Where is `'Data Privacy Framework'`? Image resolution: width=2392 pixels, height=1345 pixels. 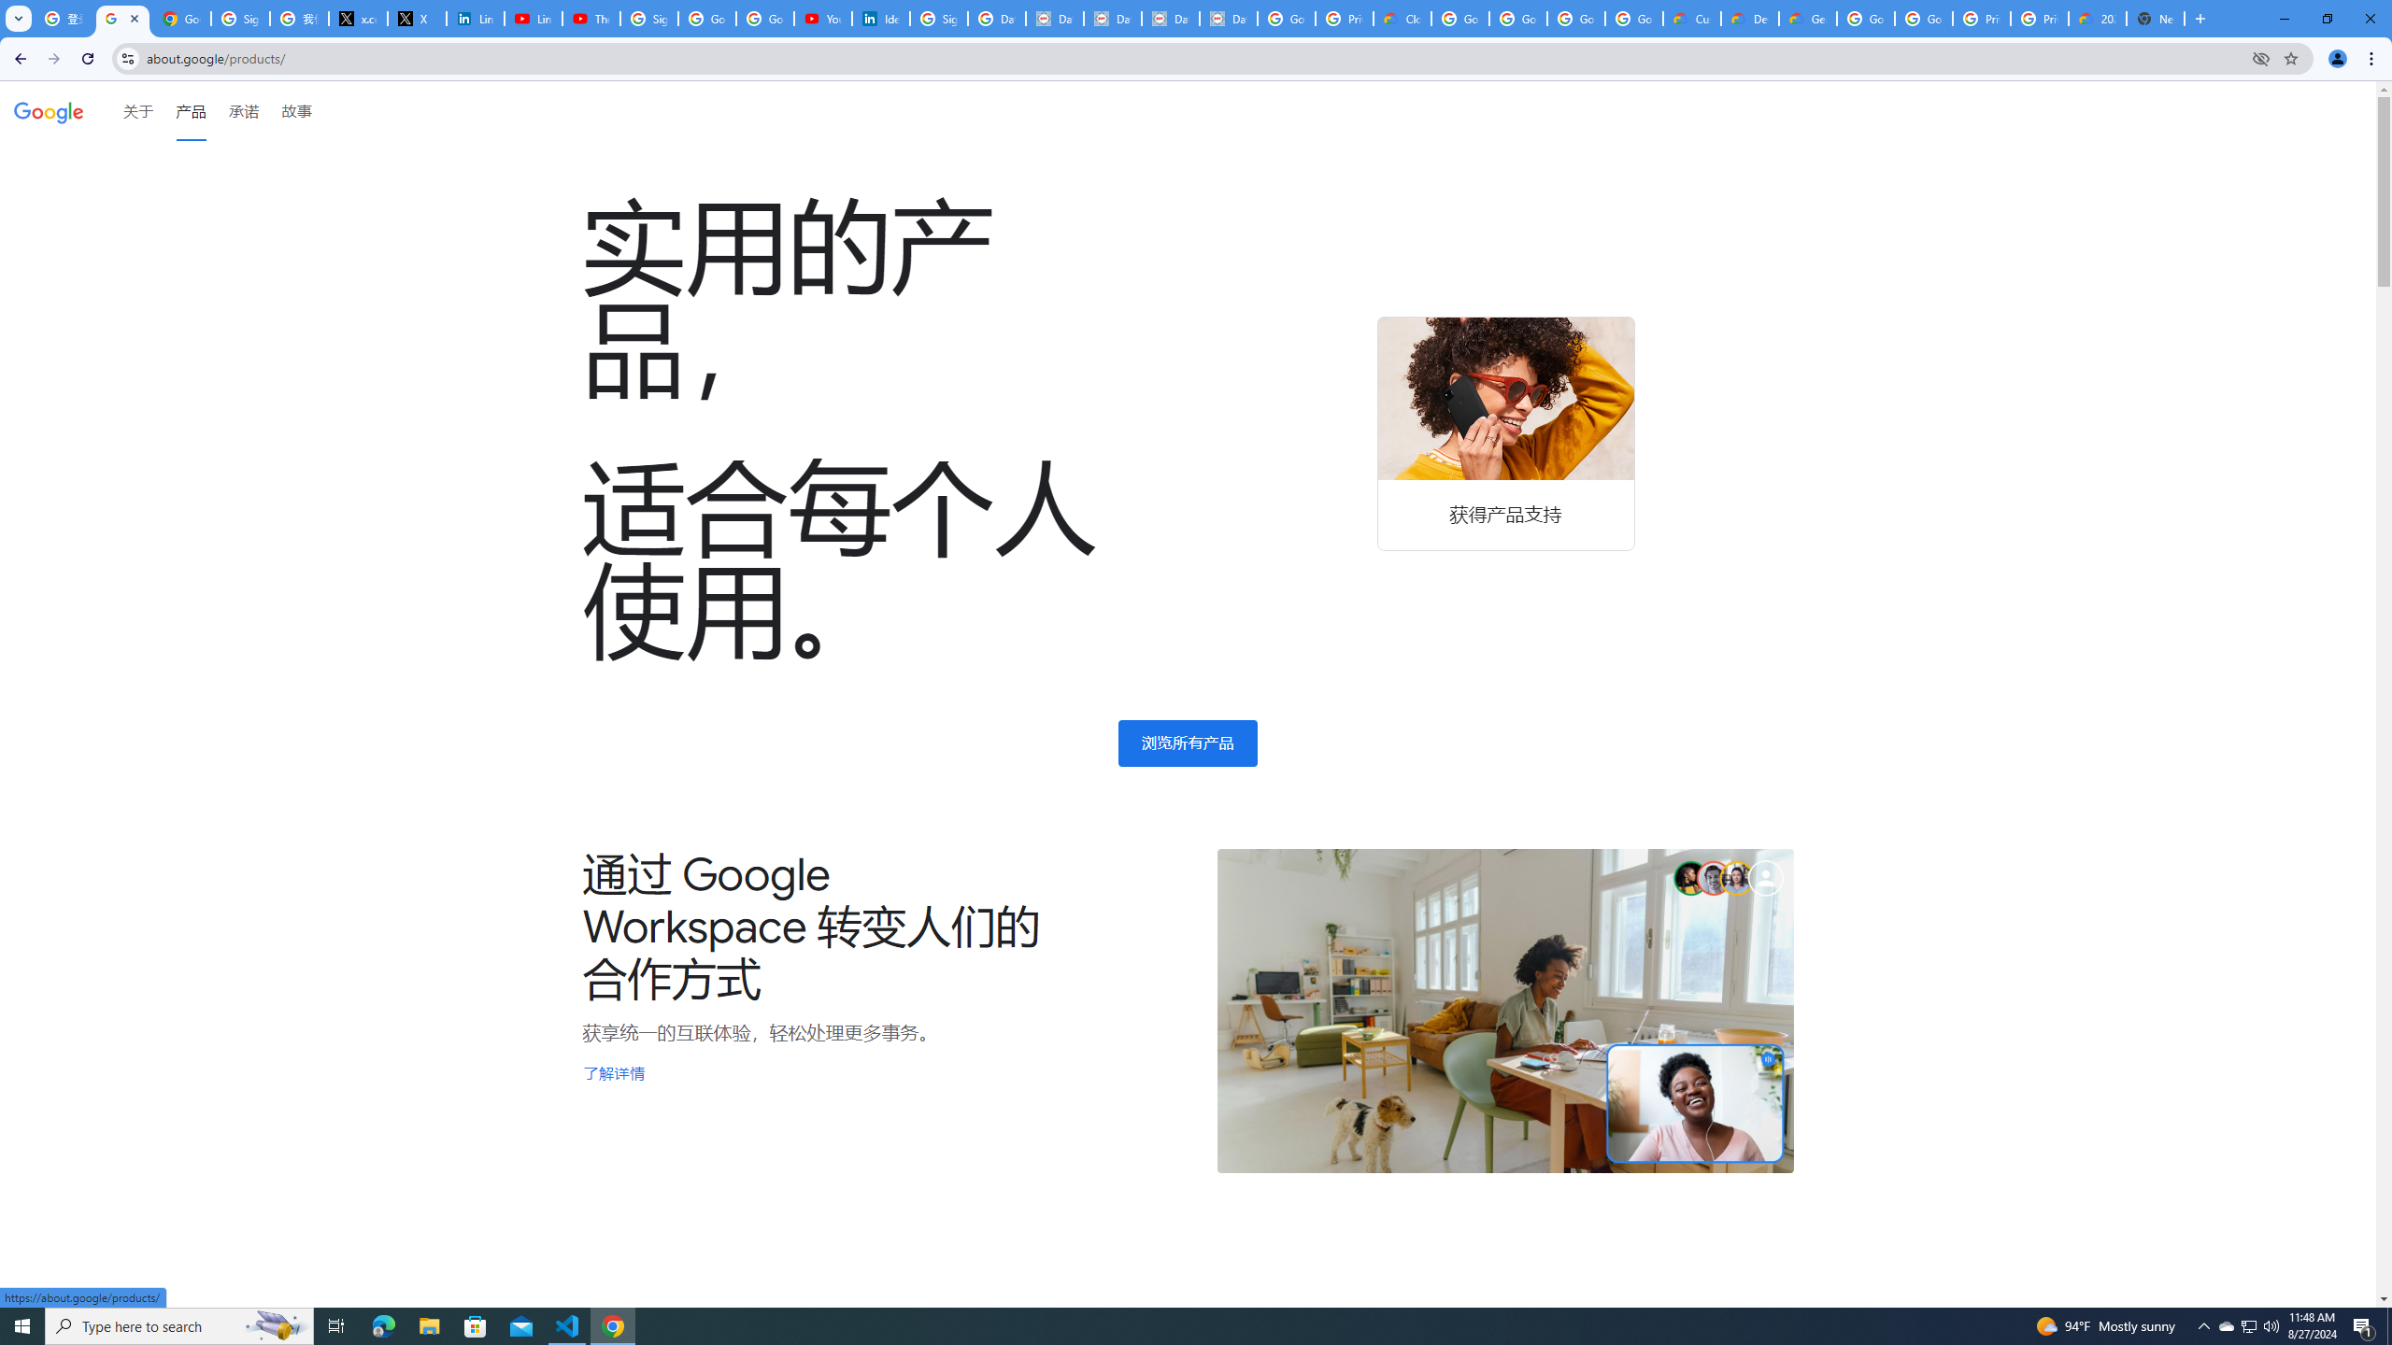
'Data Privacy Framework' is located at coordinates (1170, 18).